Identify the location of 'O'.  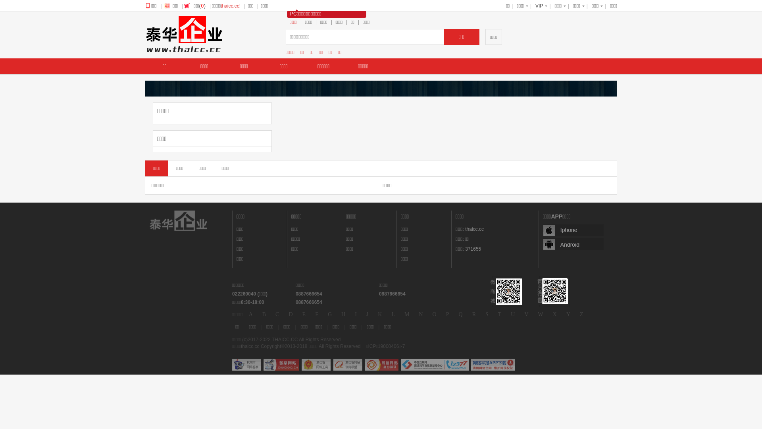
(430, 314).